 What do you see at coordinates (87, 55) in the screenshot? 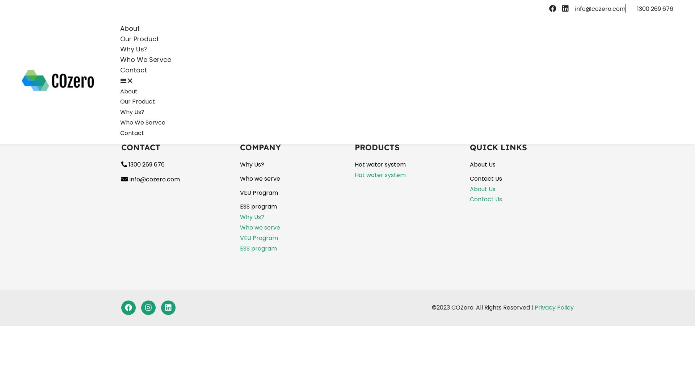
I see `'Search'` at bounding box center [87, 55].